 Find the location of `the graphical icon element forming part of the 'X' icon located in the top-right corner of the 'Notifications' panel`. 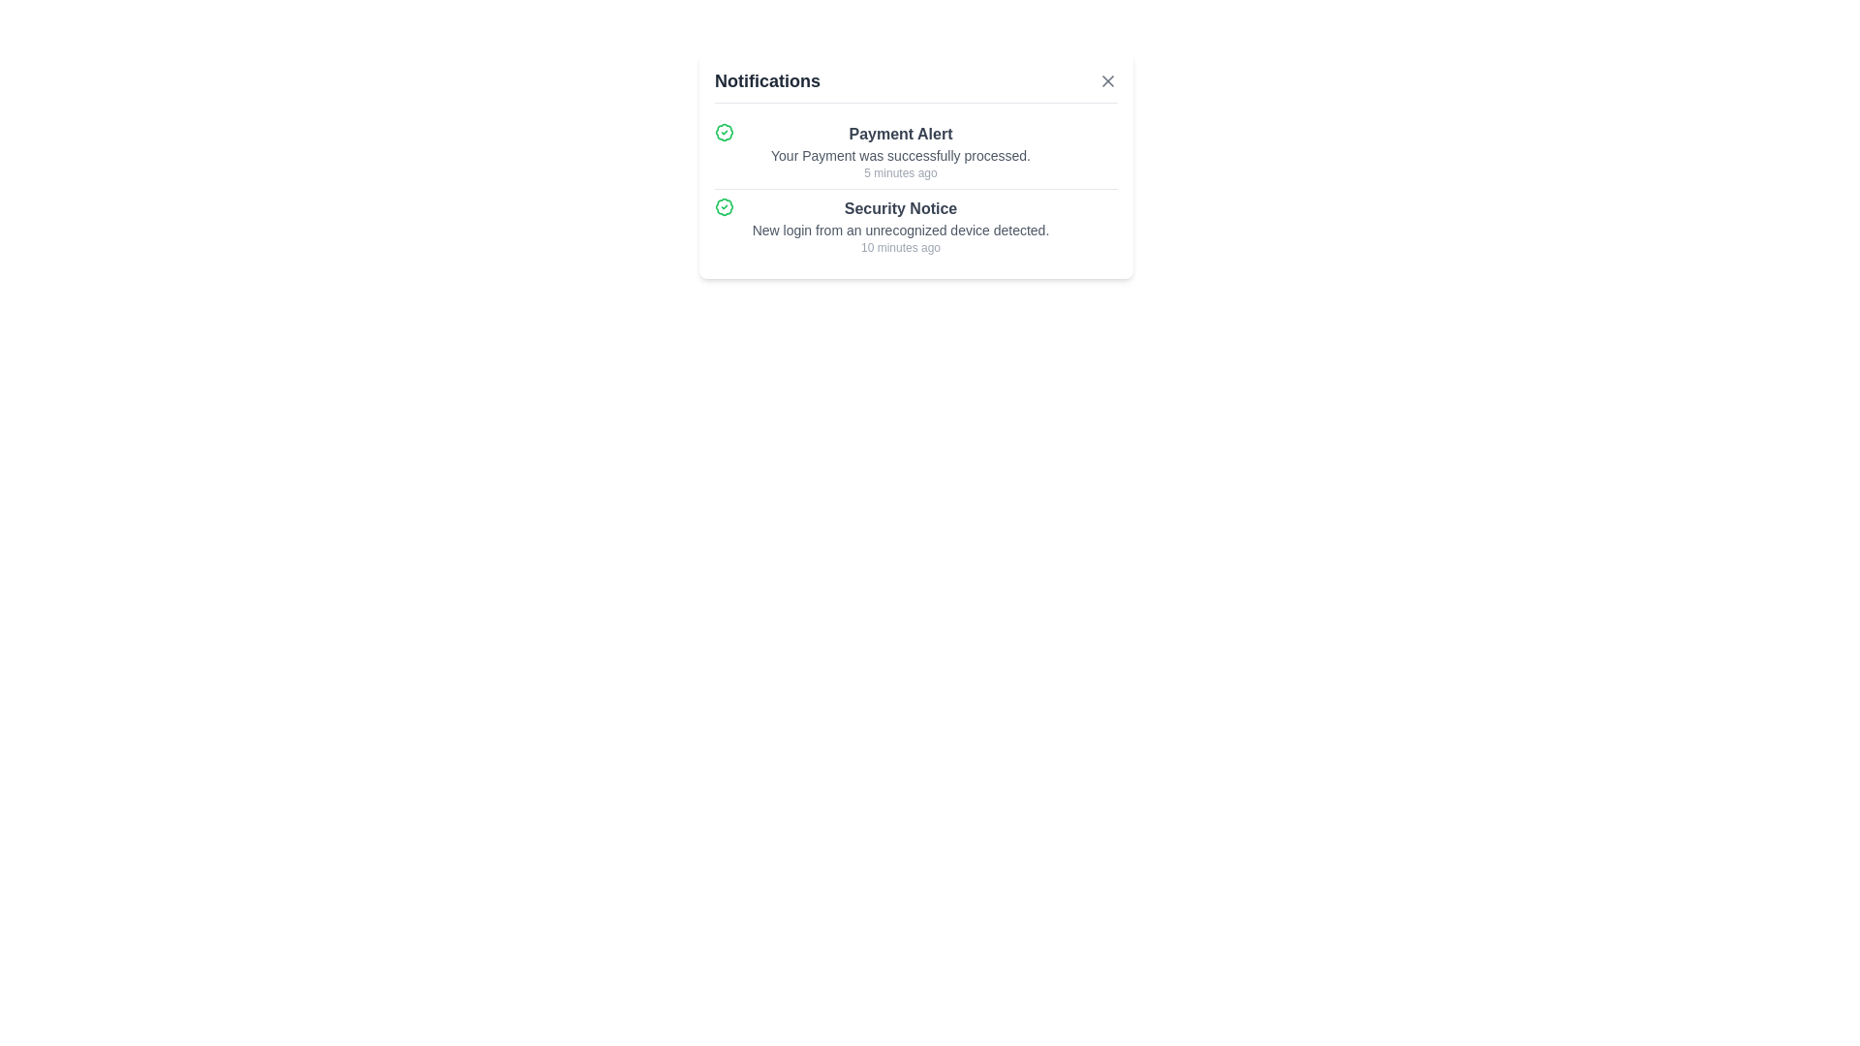

the graphical icon element forming part of the 'X' icon located in the top-right corner of the 'Notifications' panel is located at coordinates (1107, 80).